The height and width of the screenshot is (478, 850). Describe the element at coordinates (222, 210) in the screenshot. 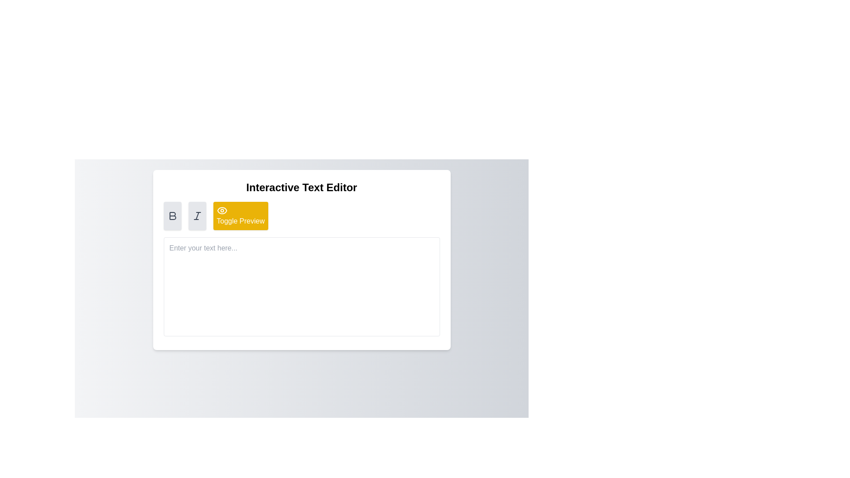

I see `the eye icon in the top toolbar of the text editor, located adjacent to the 'Toggle Preview' button` at that location.